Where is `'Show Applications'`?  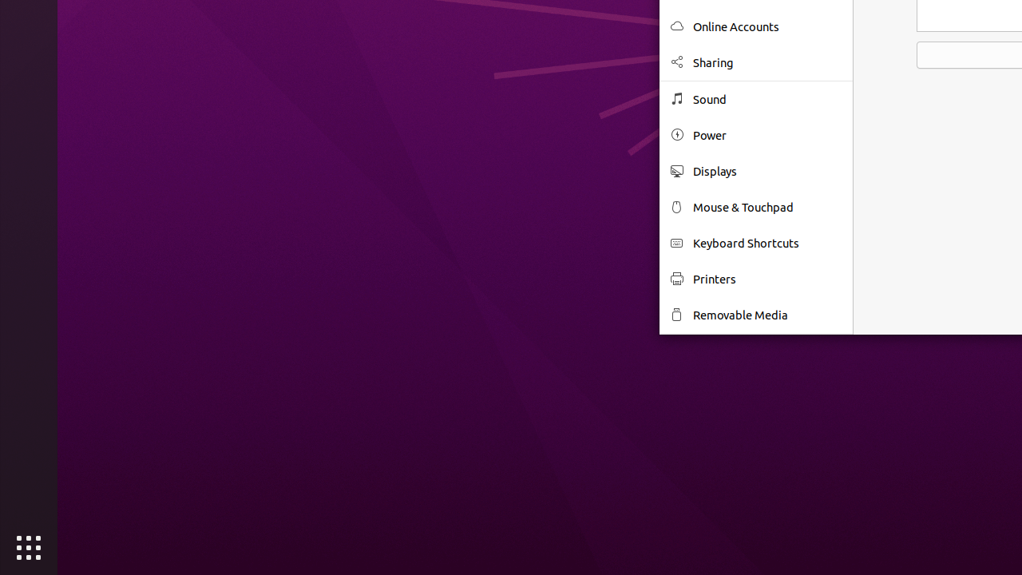 'Show Applications' is located at coordinates (28, 547).